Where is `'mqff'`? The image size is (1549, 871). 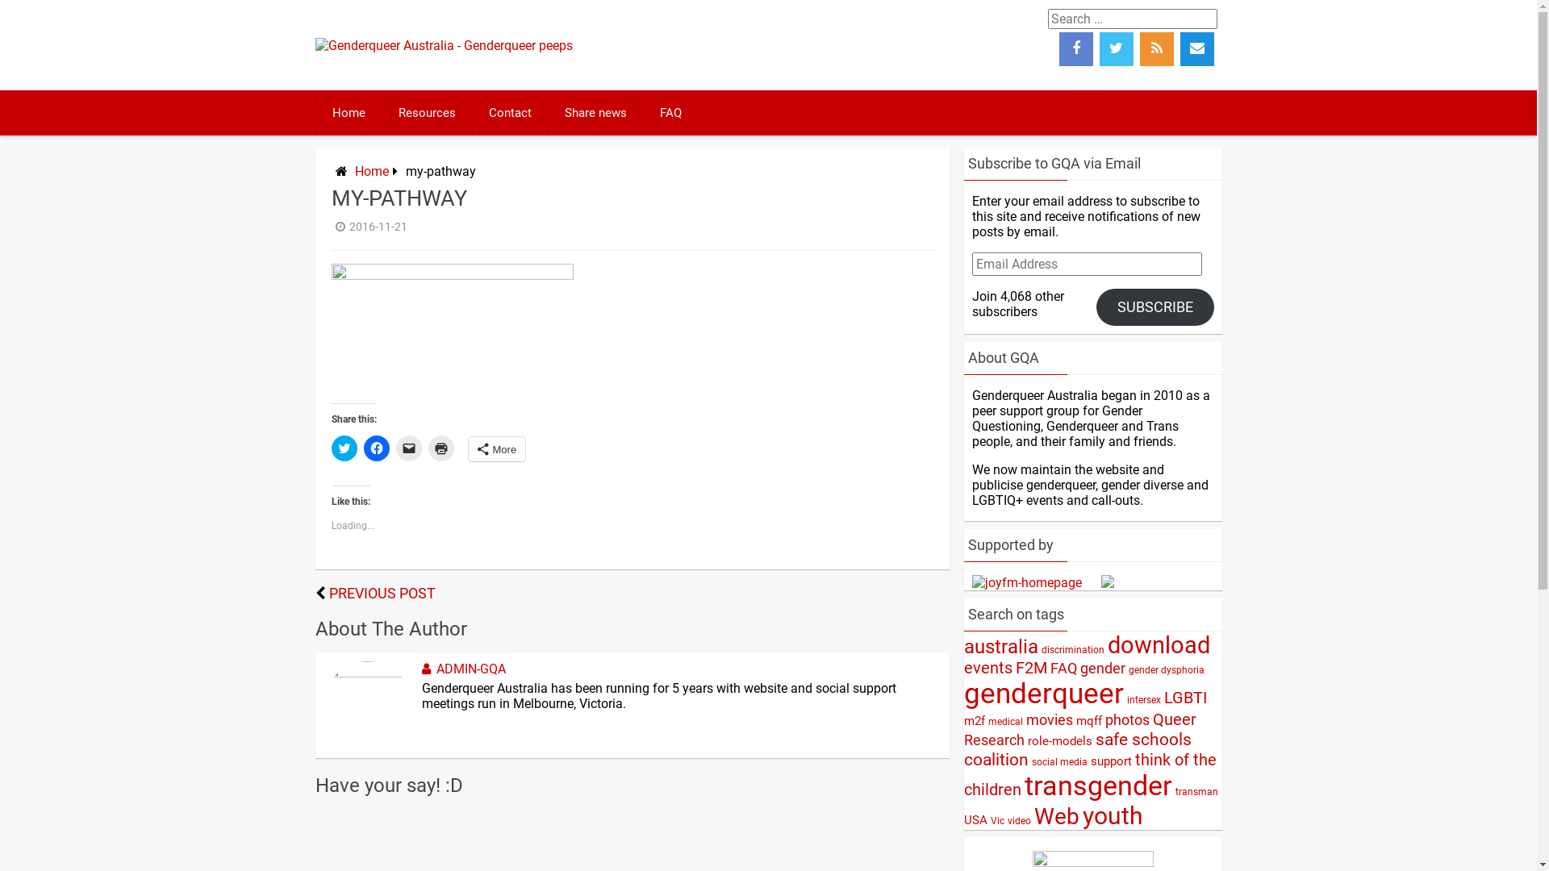 'mqff' is located at coordinates (1088, 720).